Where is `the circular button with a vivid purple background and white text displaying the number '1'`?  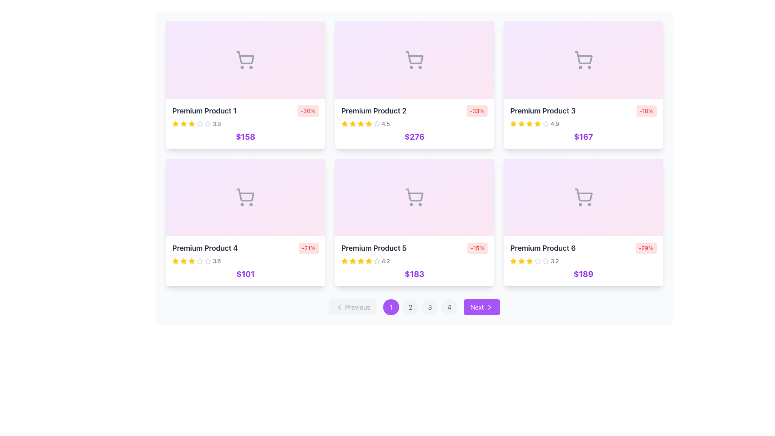
the circular button with a vivid purple background and white text displaying the number '1' is located at coordinates (391, 307).